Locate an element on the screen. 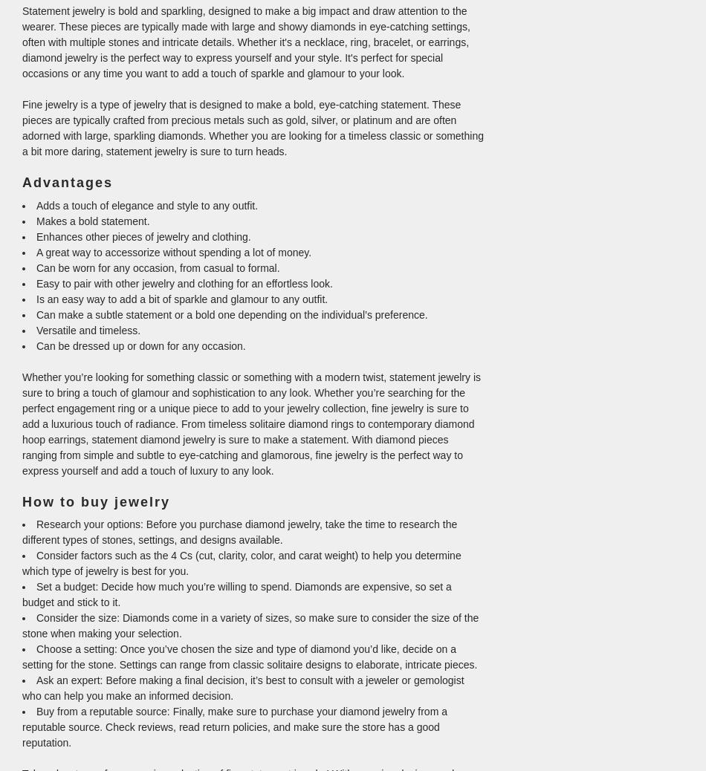 The image size is (706, 771). 'Enhances other pieces of jewelry and clothing.' is located at coordinates (143, 236).